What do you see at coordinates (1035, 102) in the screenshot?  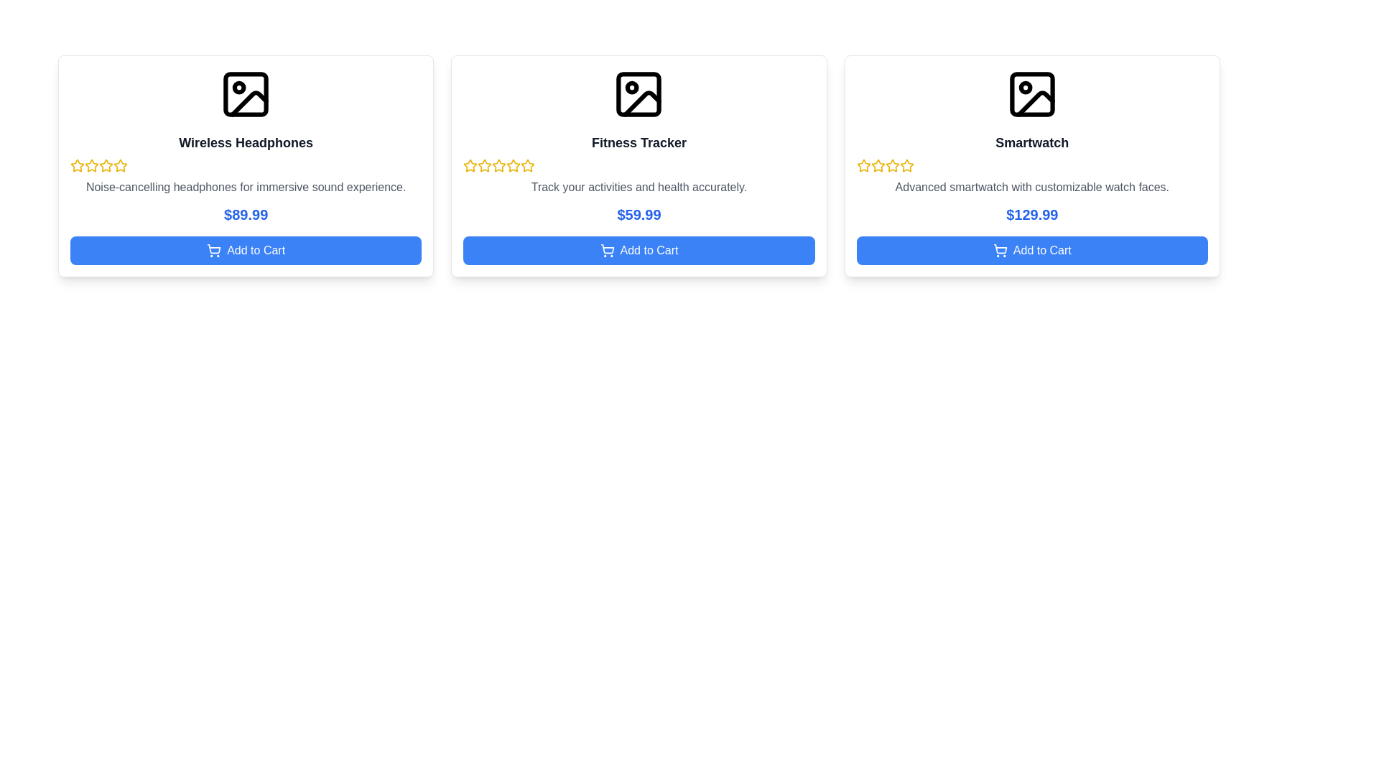 I see `the graphical element within the SVG structure that enhances the recognizability of the icon for the 'Smartwatch' product card, located in the center-right portion of the icon` at bounding box center [1035, 102].